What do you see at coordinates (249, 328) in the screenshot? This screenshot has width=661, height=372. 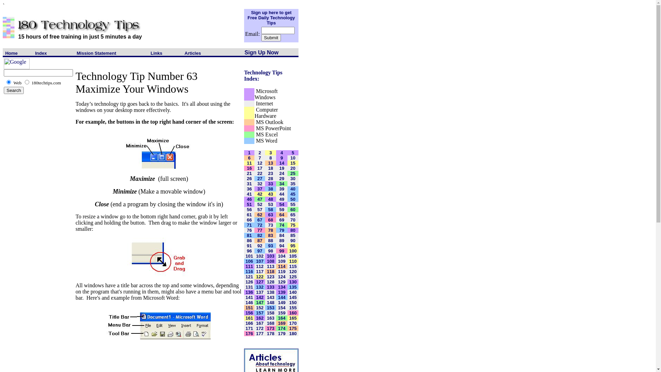 I see `'171'` at bounding box center [249, 328].